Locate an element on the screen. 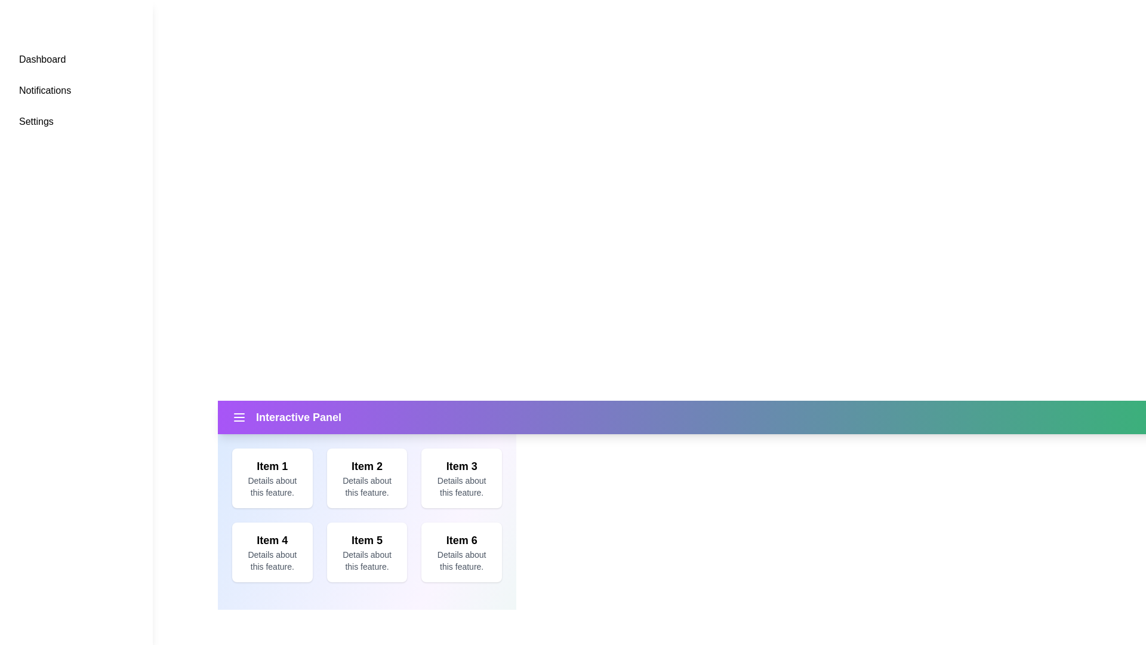 The image size is (1146, 645). the fourth informational card in the grid layout to trigger a visual effect is located at coordinates (272, 552).